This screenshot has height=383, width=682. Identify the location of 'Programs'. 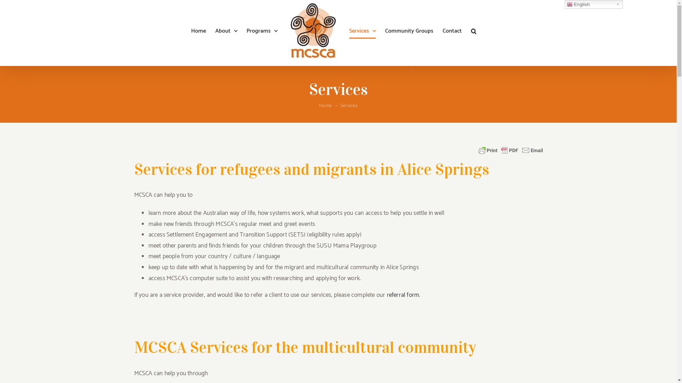
(261, 31).